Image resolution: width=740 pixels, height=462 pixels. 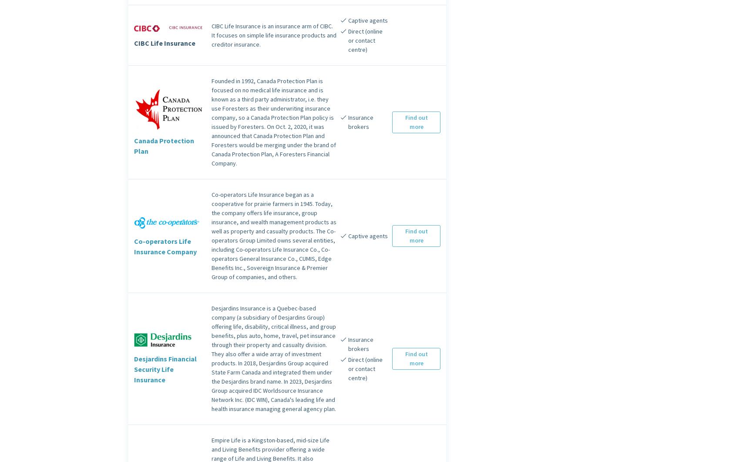 What do you see at coordinates (164, 145) in the screenshot?
I see `'Canada Protection Plan'` at bounding box center [164, 145].